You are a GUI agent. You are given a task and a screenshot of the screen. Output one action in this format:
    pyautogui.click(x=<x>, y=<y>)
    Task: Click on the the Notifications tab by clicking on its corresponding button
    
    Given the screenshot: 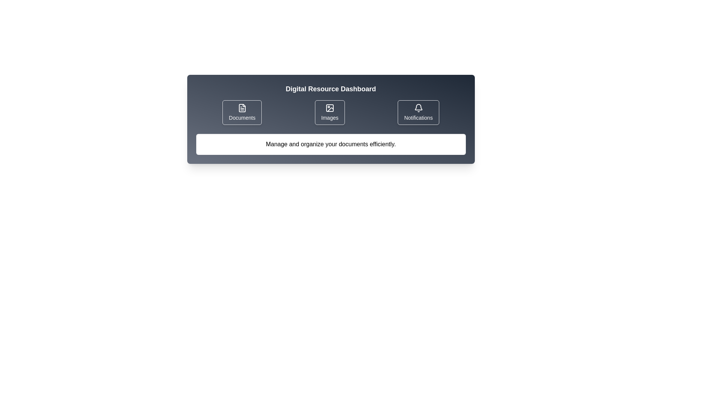 What is the action you would take?
    pyautogui.click(x=418, y=112)
    